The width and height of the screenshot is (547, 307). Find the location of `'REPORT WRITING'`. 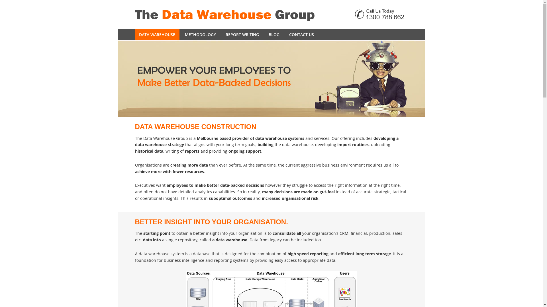

'REPORT WRITING' is located at coordinates (242, 34).